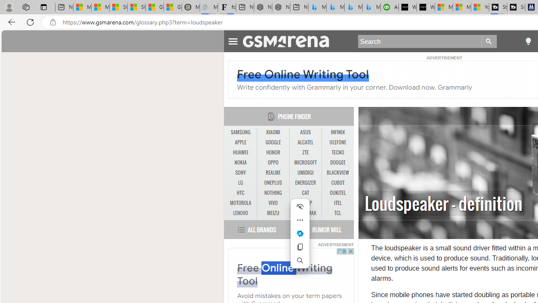 The image size is (538, 303). What do you see at coordinates (305, 133) in the screenshot?
I see `'ASUS'` at bounding box center [305, 133].